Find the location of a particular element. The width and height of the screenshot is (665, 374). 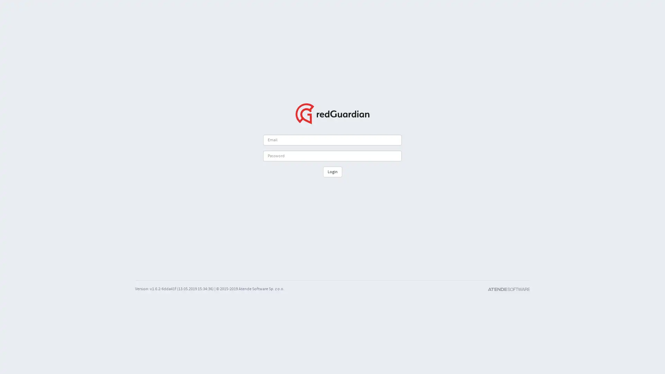

Login is located at coordinates (332, 171).